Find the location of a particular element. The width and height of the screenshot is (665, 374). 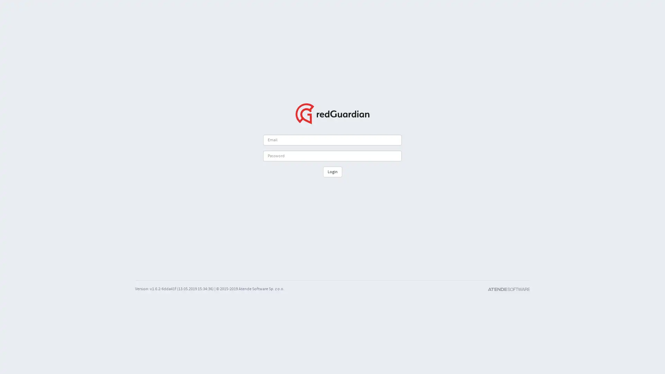

Login is located at coordinates (332, 171).